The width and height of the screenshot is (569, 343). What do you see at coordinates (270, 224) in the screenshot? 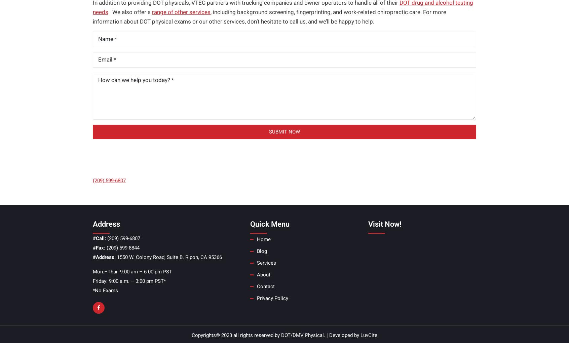
I see `'Quick Menu'` at bounding box center [270, 224].